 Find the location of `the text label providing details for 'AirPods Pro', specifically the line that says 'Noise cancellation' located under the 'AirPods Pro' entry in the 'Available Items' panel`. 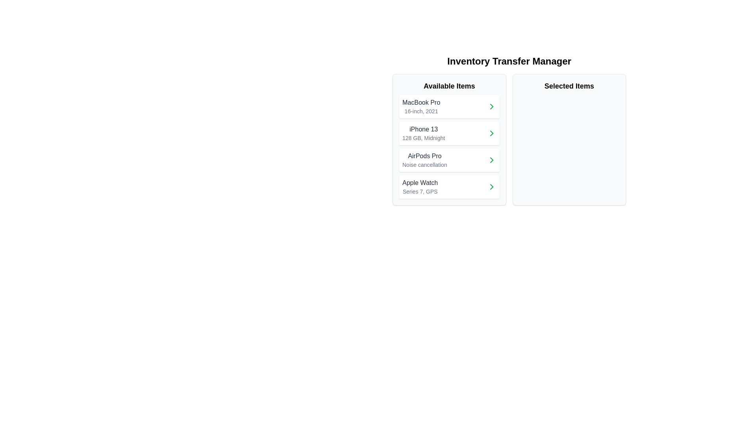

the text label providing details for 'AirPods Pro', specifically the line that says 'Noise cancellation' located under the 'AirPods Pro' entry in the 'Available Items' panel is located at coordinates (424, 164).